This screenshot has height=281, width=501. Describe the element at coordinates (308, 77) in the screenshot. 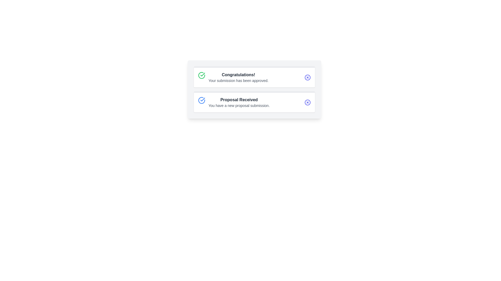

I see `the close button located at the top right corner of the card, adjacent to the text 'Congratulations!'` at that location.